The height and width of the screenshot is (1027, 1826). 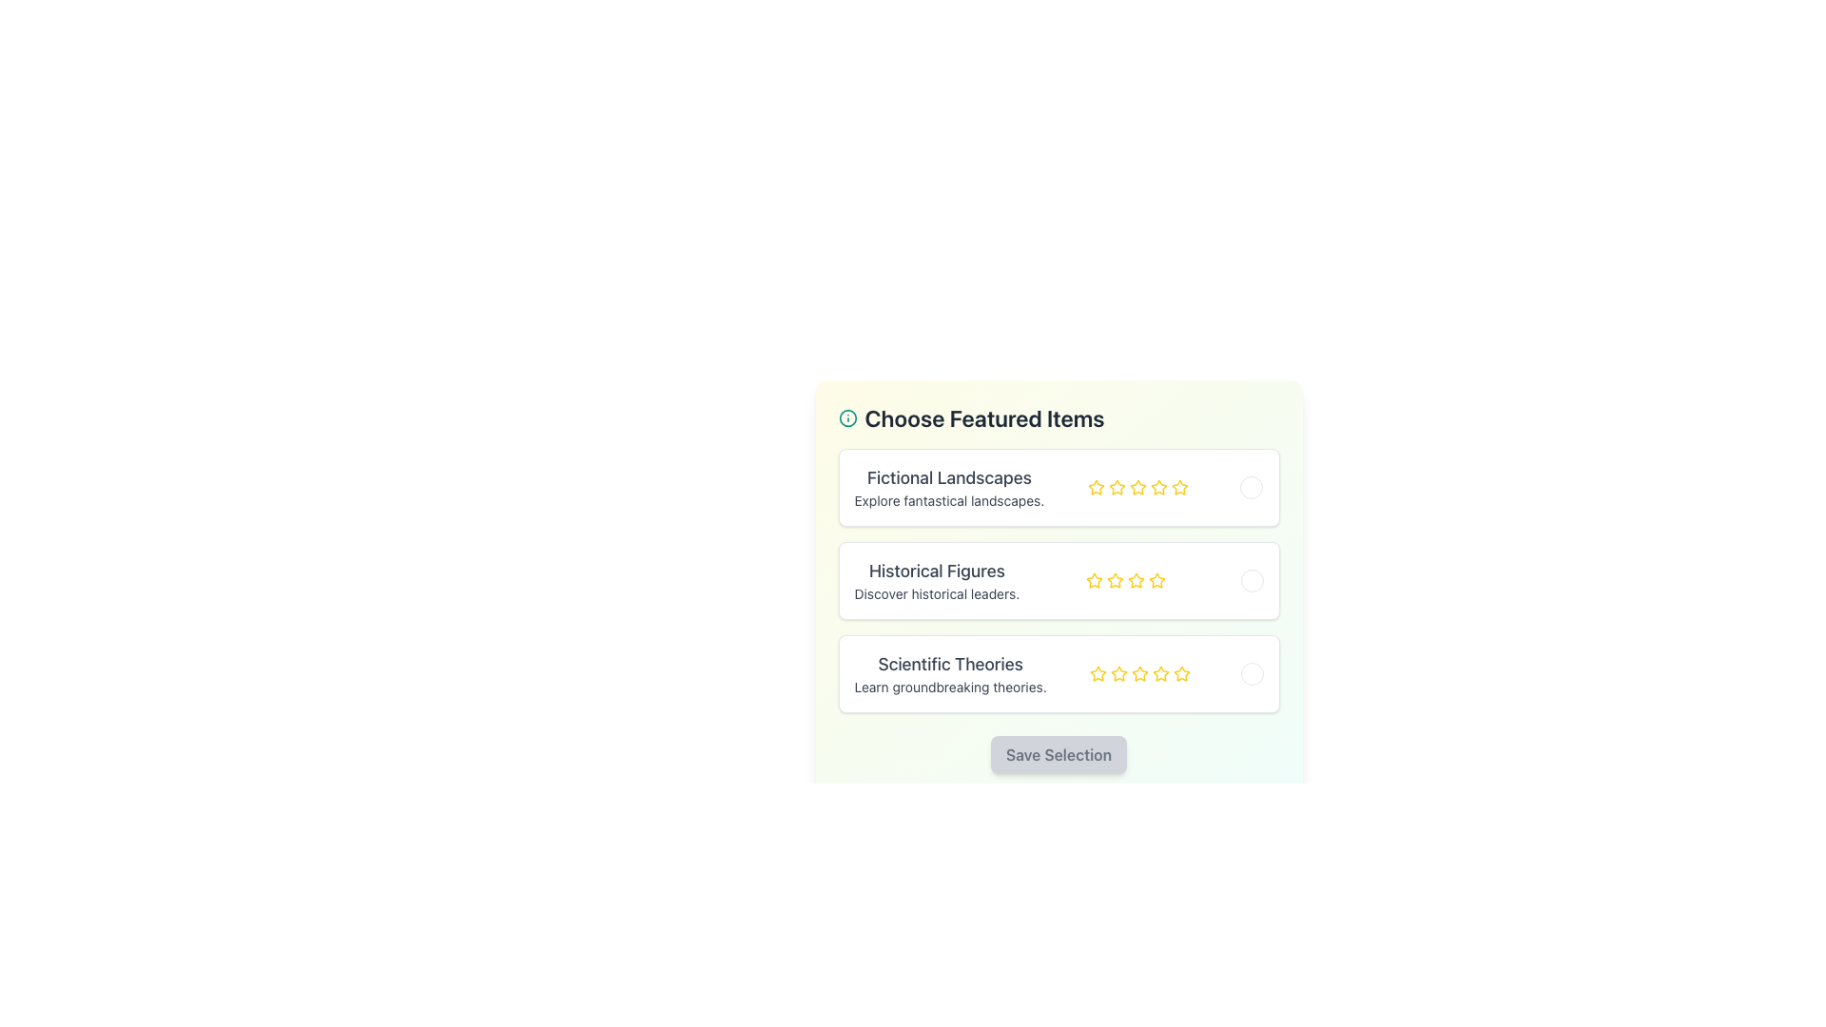 What do you see at coordinates (1058, 673) in the screenshot?
I see `the rectangular card titled 'Scientific Theories', which is the third card in the 'Choose Featured Items' section, displaying a rating system and a circular button` at bounding box center [1058, 673].